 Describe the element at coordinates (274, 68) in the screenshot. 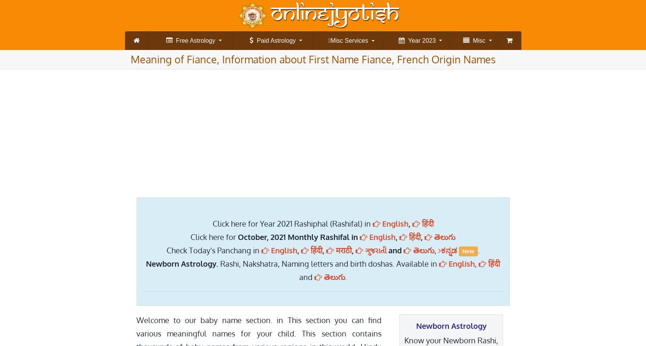

I see `'स्टार मिलान (Star Match)'` at that location.